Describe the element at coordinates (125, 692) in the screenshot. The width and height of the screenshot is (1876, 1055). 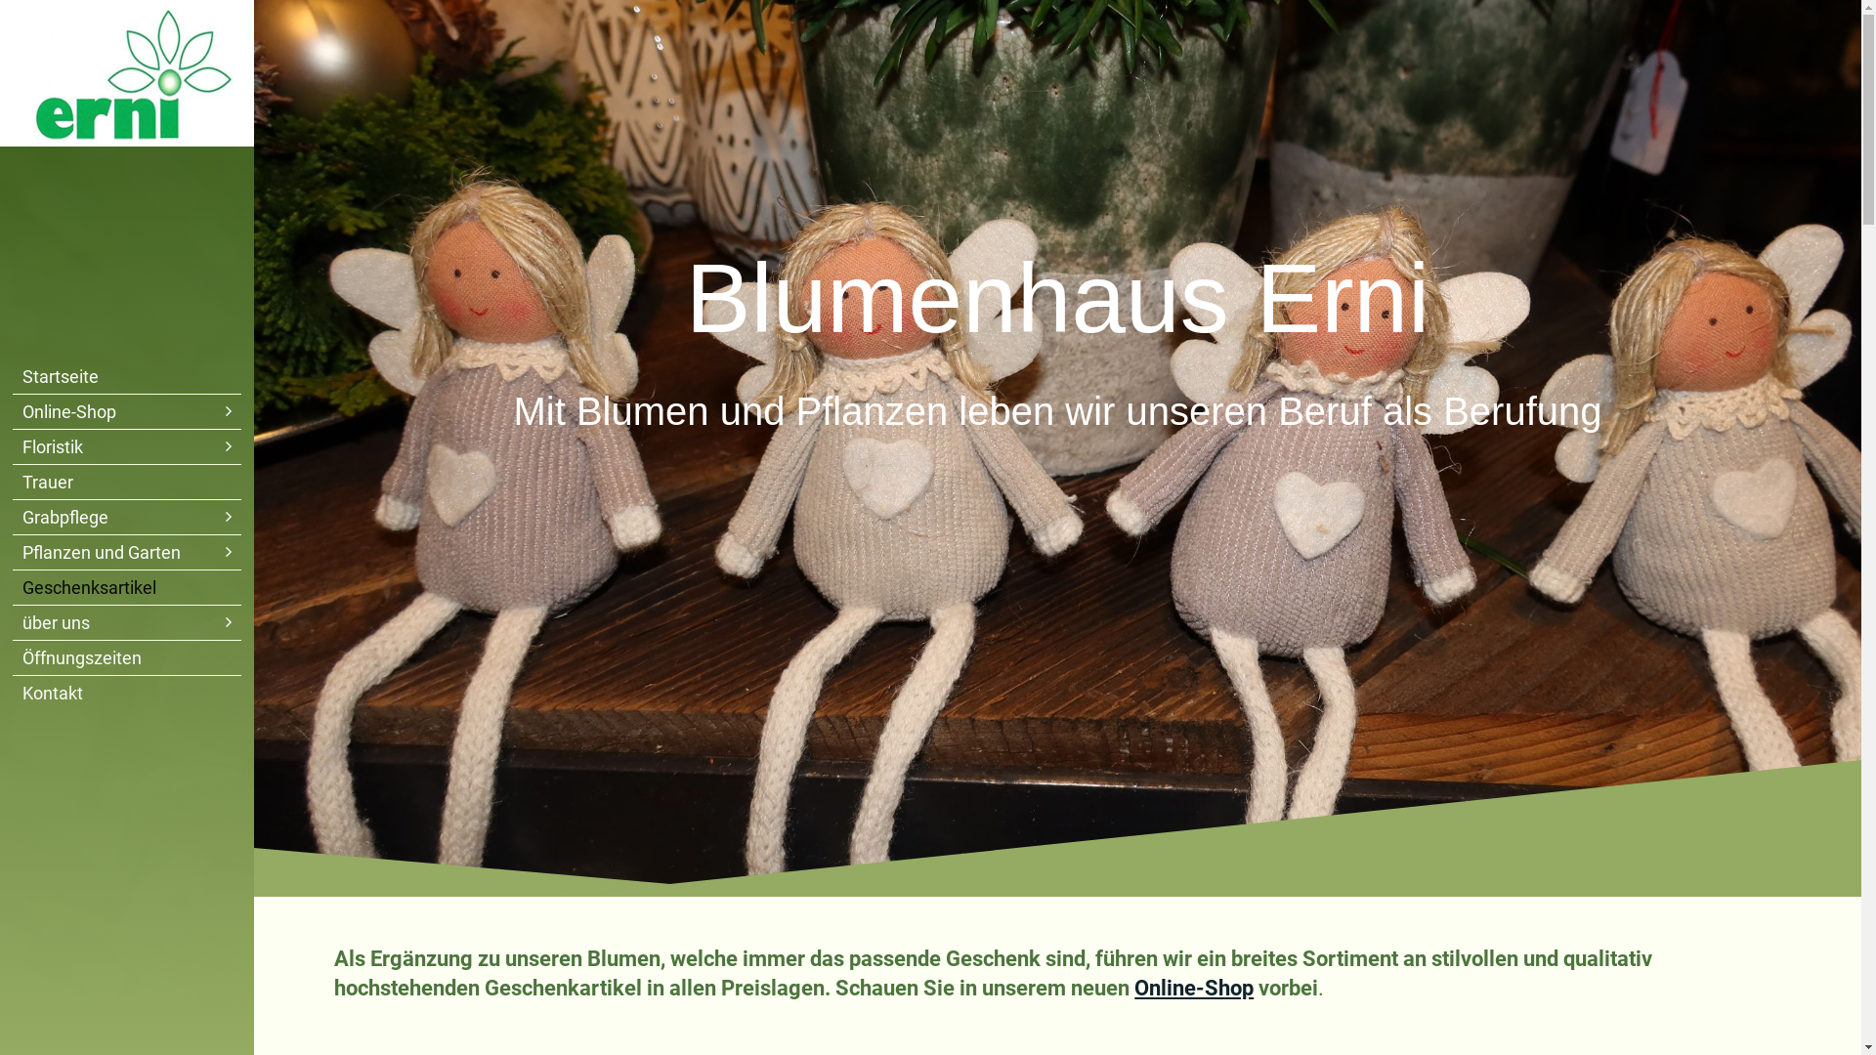
I see `'Kontakt'` at that location.